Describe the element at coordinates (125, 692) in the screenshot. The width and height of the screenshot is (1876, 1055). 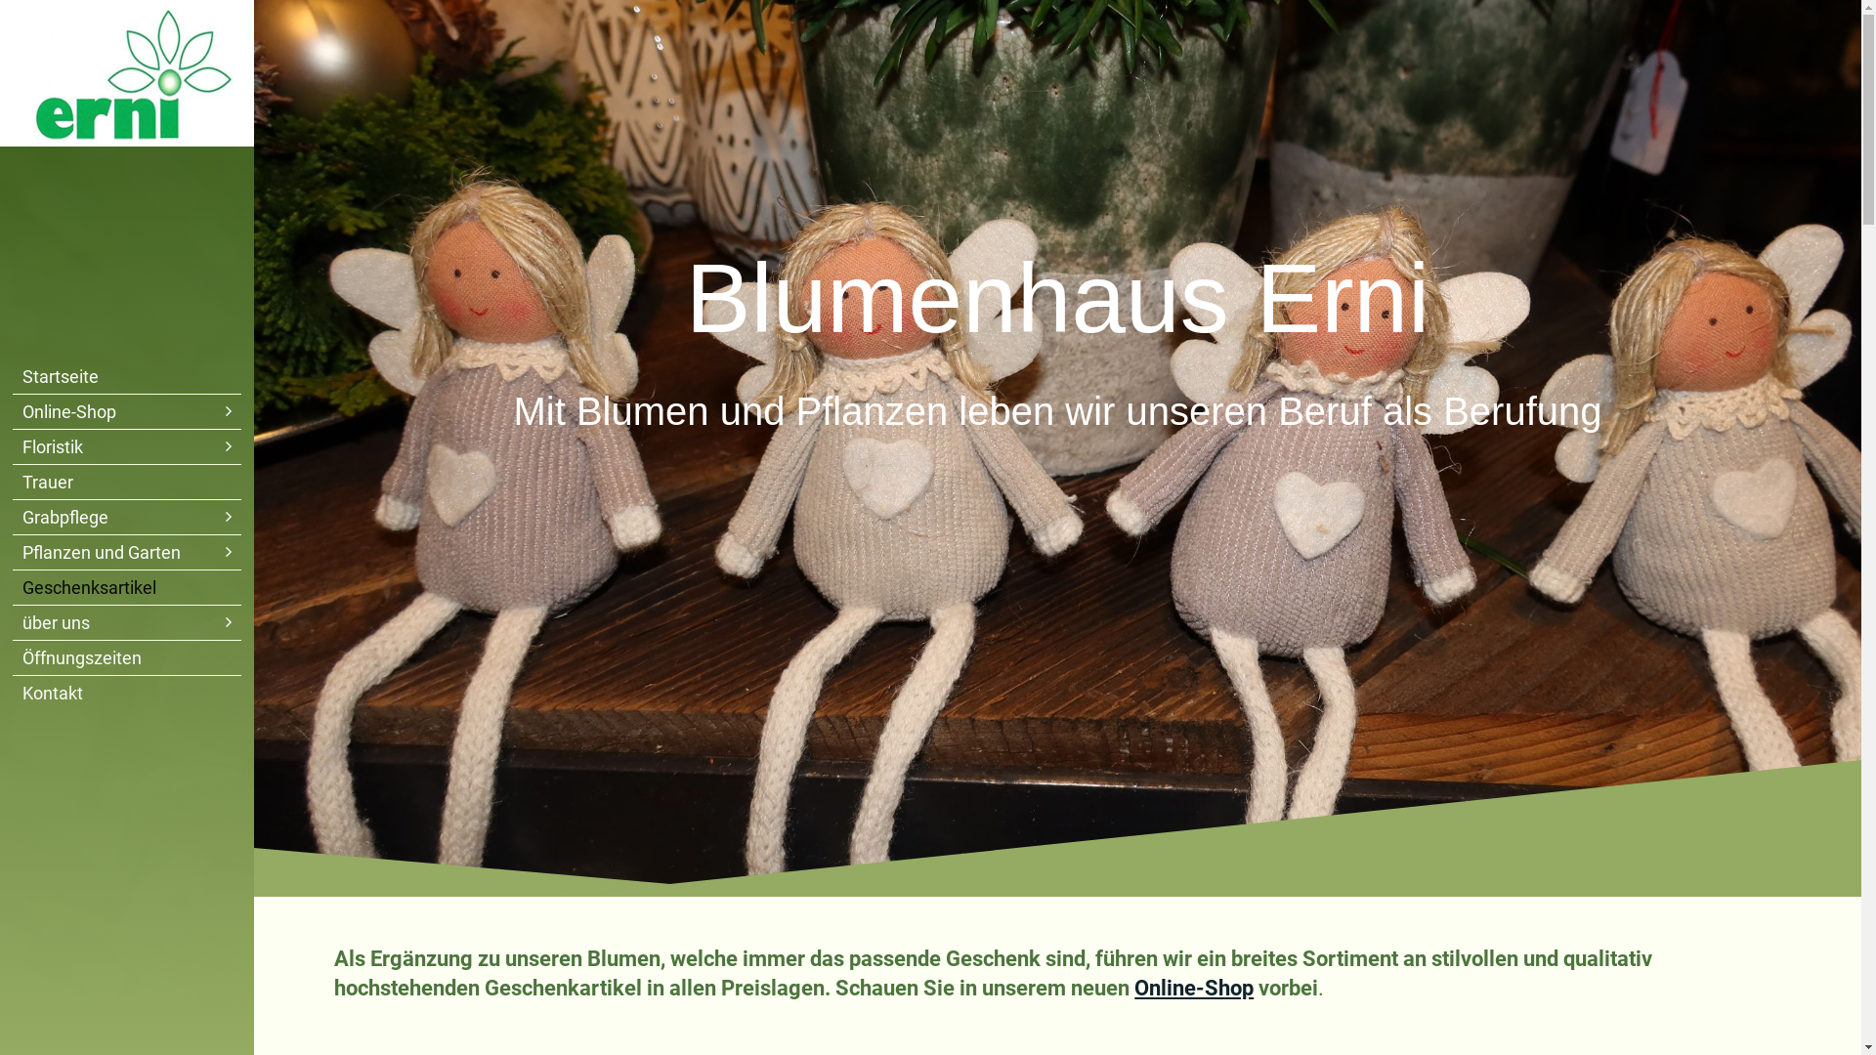
I see `'Kontakt'` at that location.